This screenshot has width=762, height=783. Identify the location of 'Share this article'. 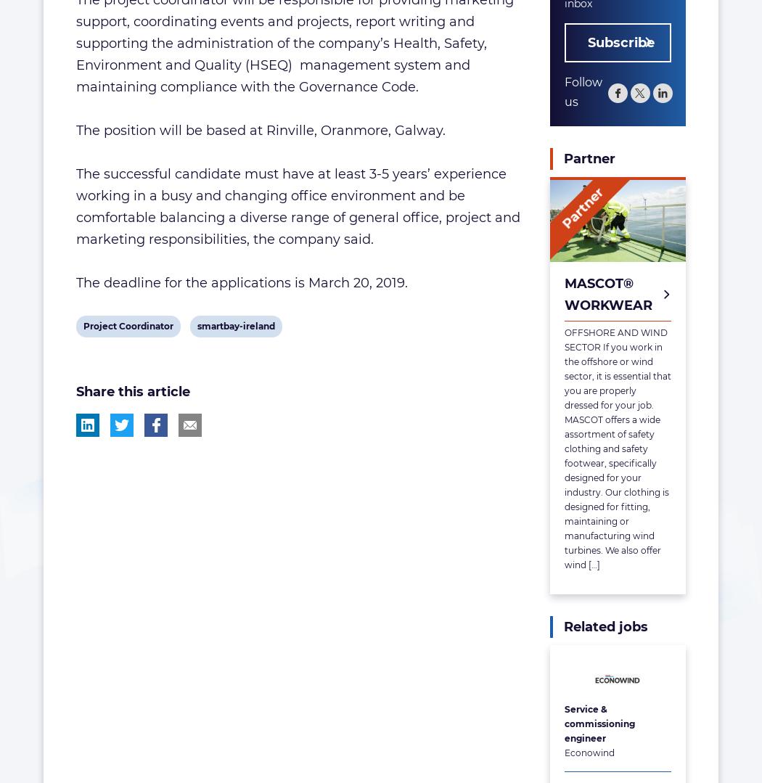
(76, 392).